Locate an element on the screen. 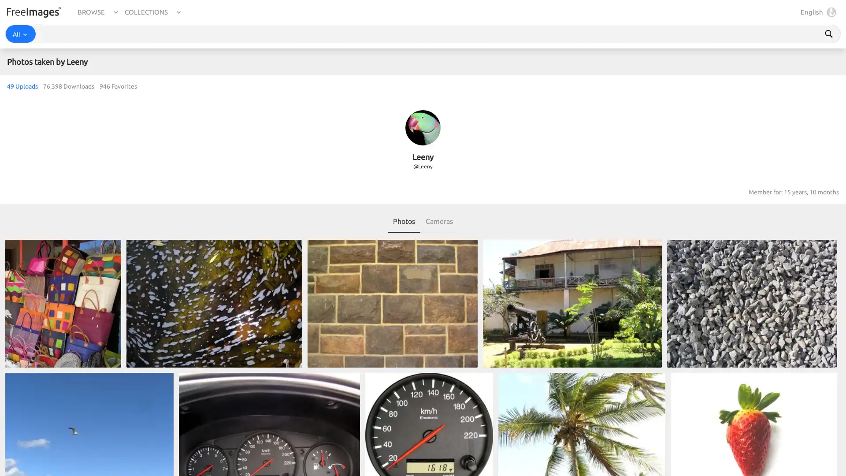  Close is located at coordinates (831, 457).